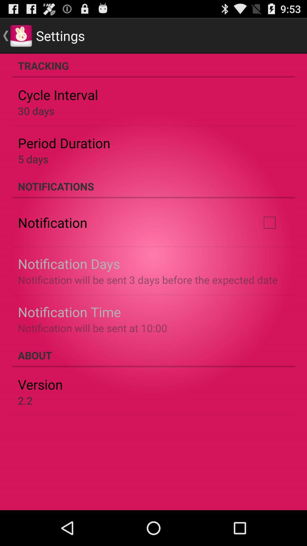  What do you see at coordinates (36, 111) in the screenshot?
I see `app above the period duration item` at bounding box center [36, 111].